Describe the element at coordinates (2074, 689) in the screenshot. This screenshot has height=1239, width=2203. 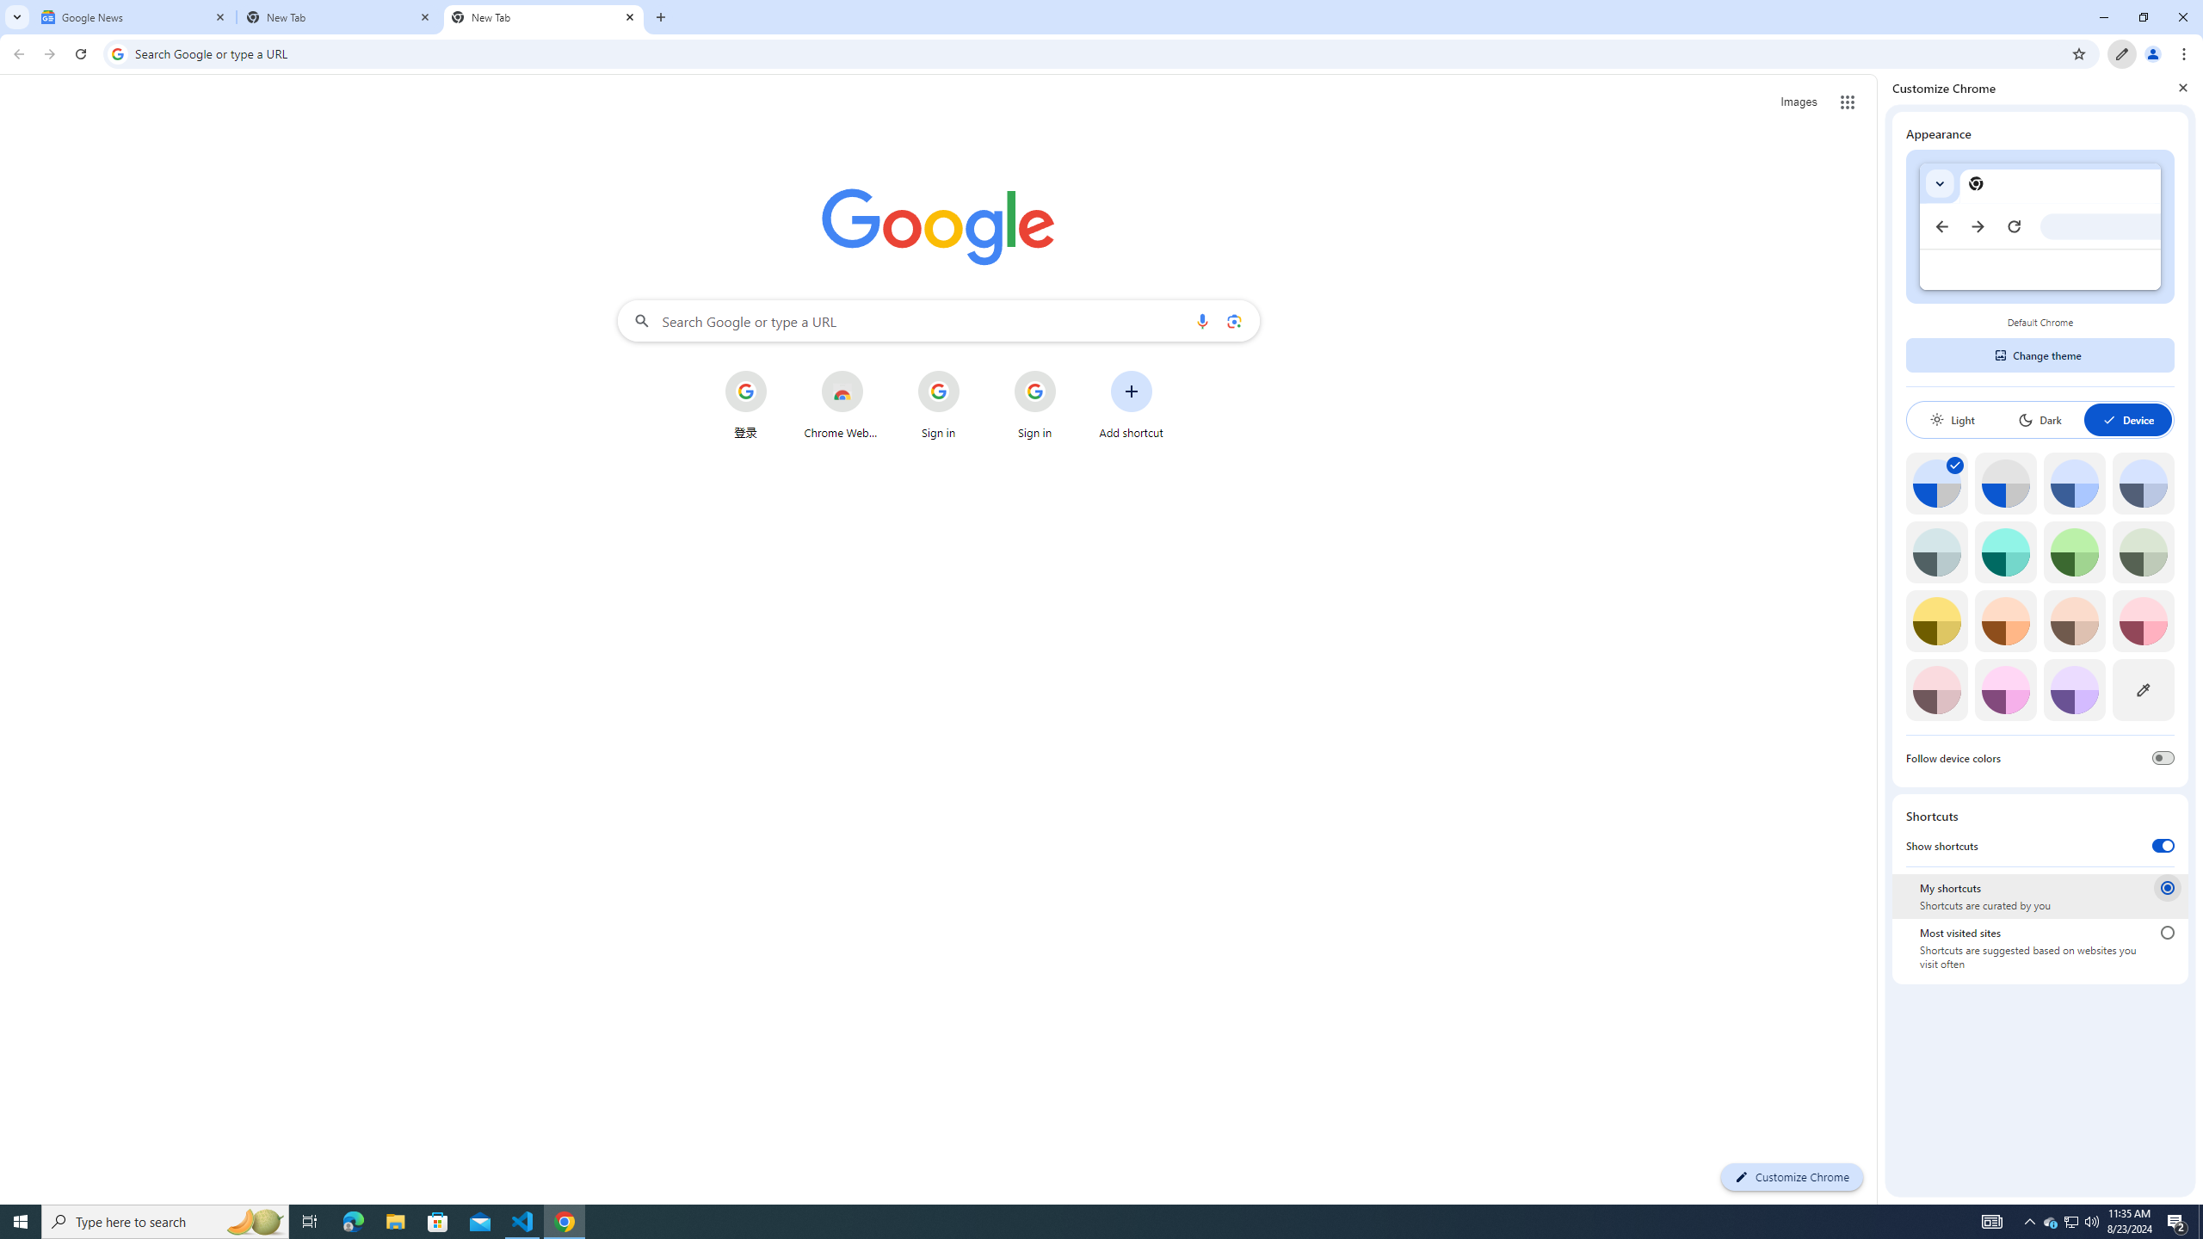
I see `'Violet'` at that location.